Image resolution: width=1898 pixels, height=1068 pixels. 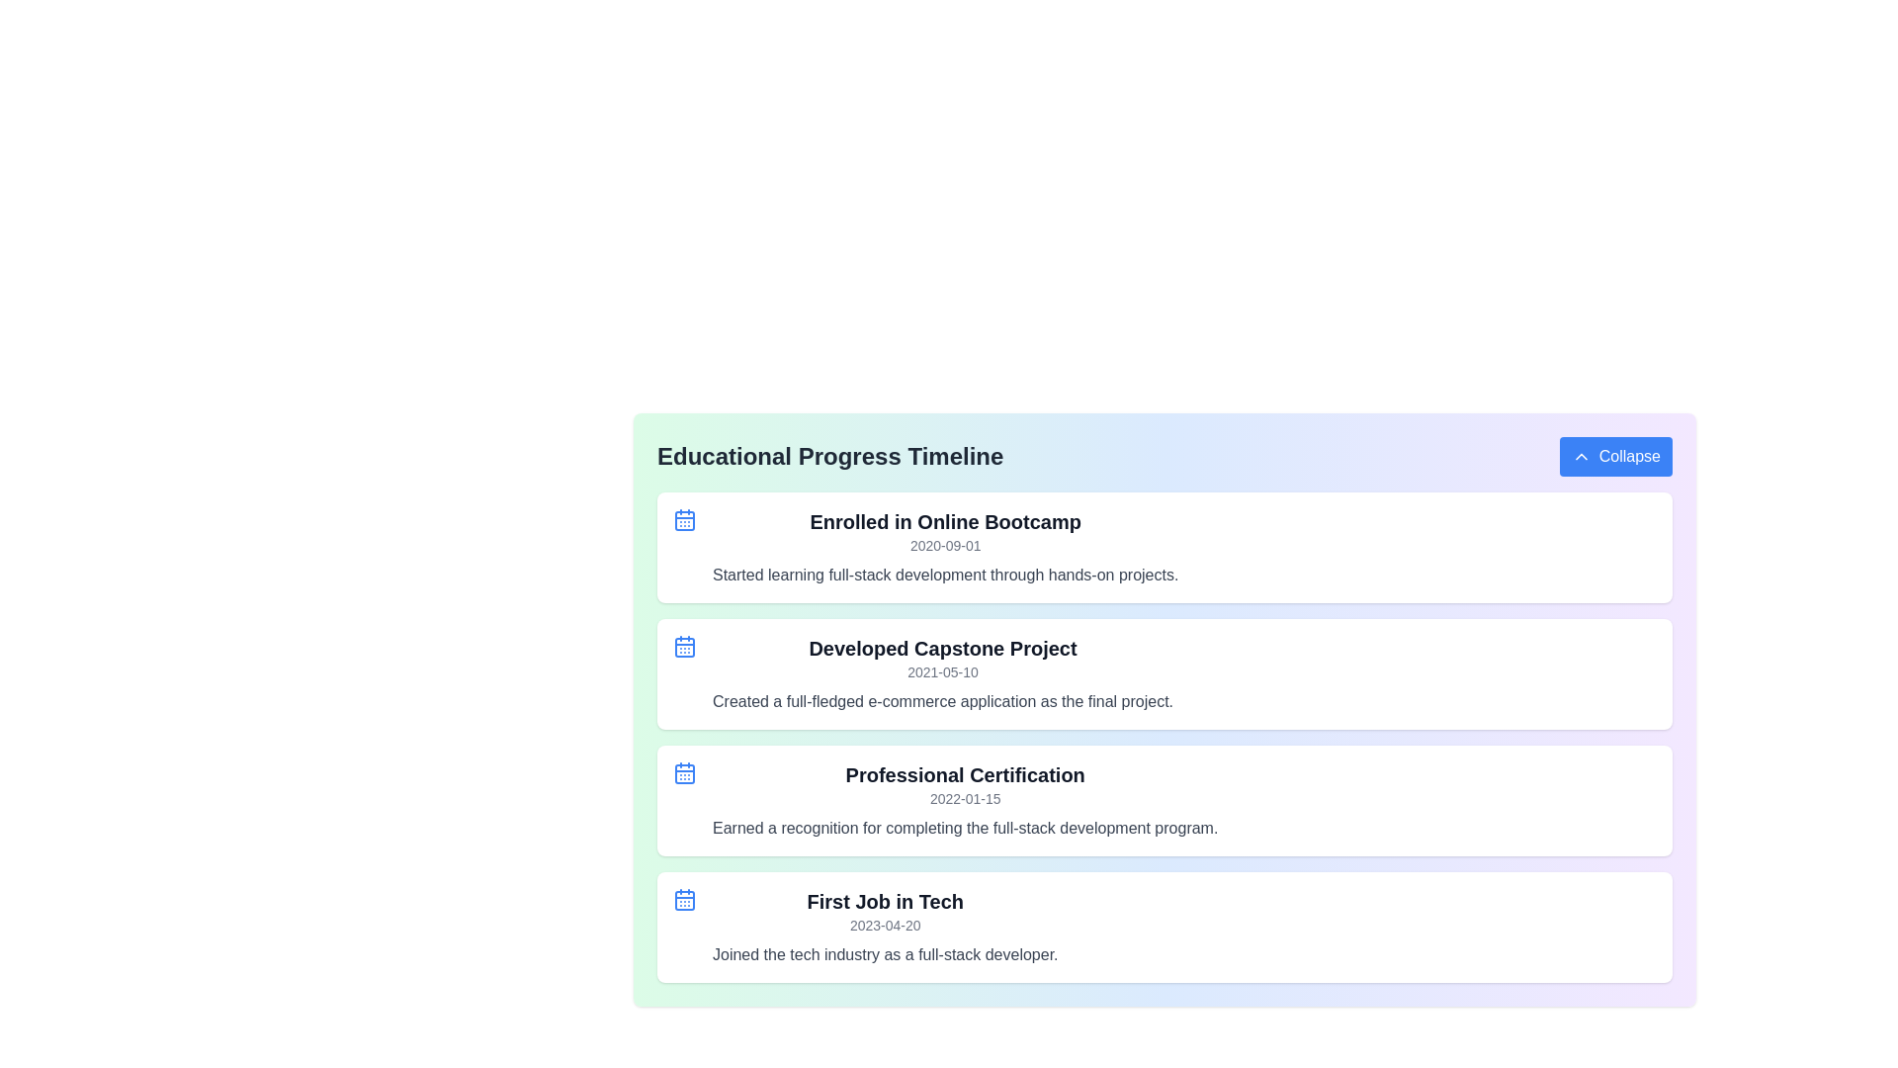 What do you see at coordinates (884, 927) in the screenshot?
I see `timeline entry titled 'First Job in Tech' which includes the date '2023-04-20' and the description 'Joined the tech industry as a full-stack developer.' This entry is located in the fourth section of the 'Educational Progress Timeline'` at bounding box center [884, 927].